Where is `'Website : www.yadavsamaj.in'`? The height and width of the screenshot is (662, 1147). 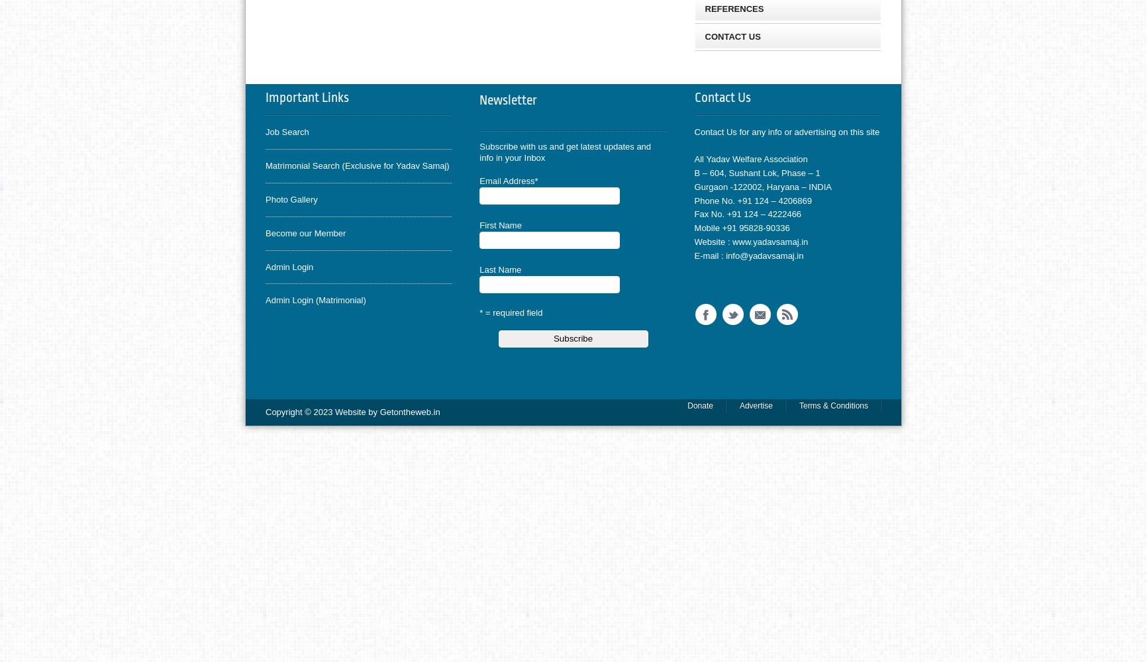 'Website : www.yadavsamaj.in' is located at coordinates (750, 240).